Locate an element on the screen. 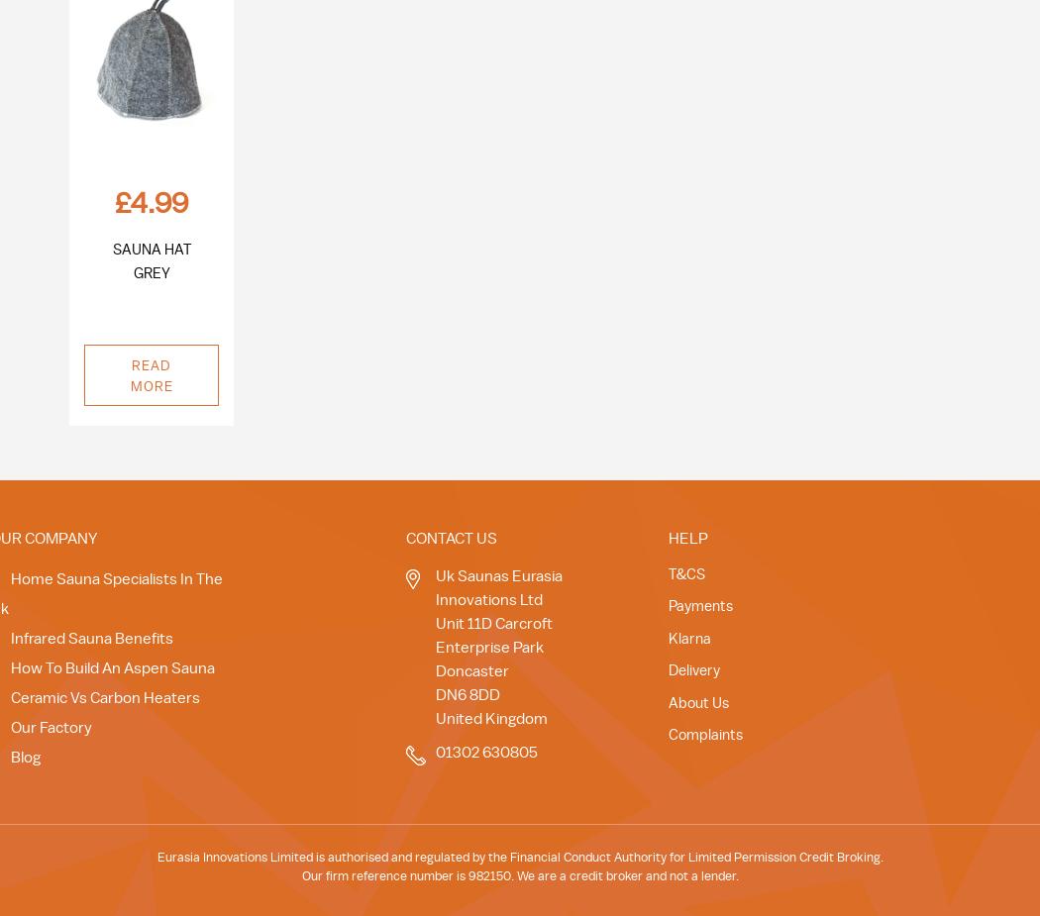 This screenshot has width=1040, height=916. 'Read More' is located at coordinates (151, 375).